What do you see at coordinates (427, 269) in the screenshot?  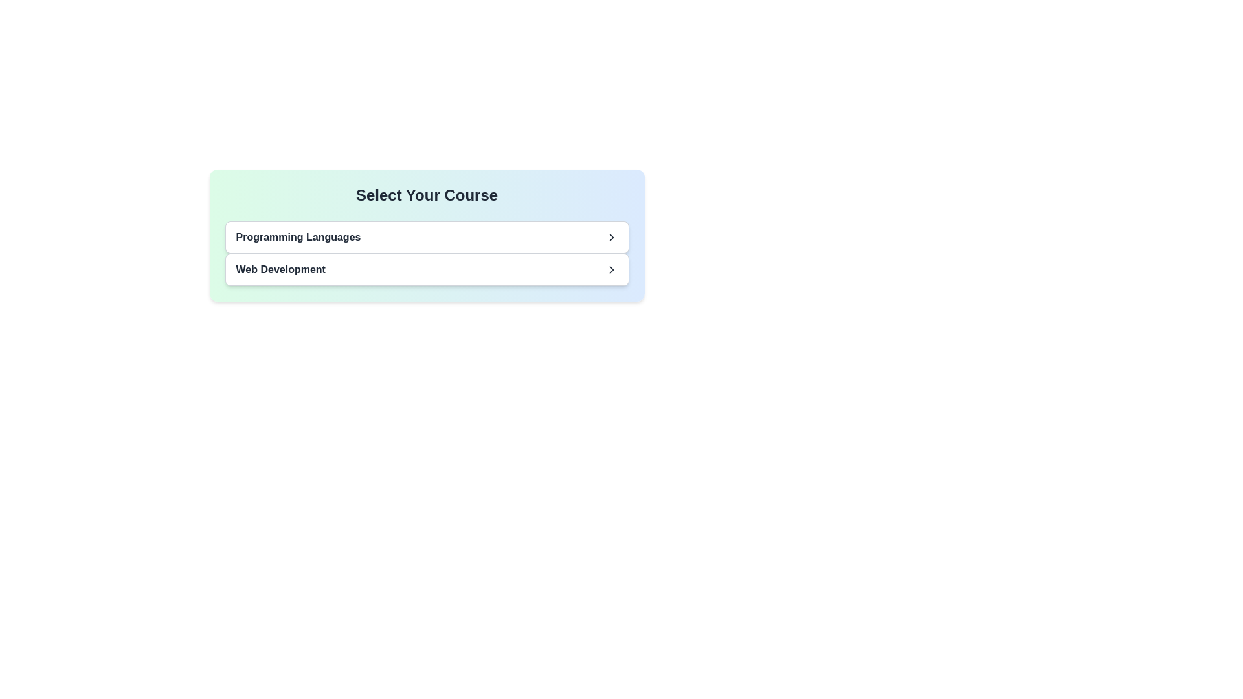 I see `the 'Web Development' button located below the 'Programming Languages' item` at bounding box center [427, 269].